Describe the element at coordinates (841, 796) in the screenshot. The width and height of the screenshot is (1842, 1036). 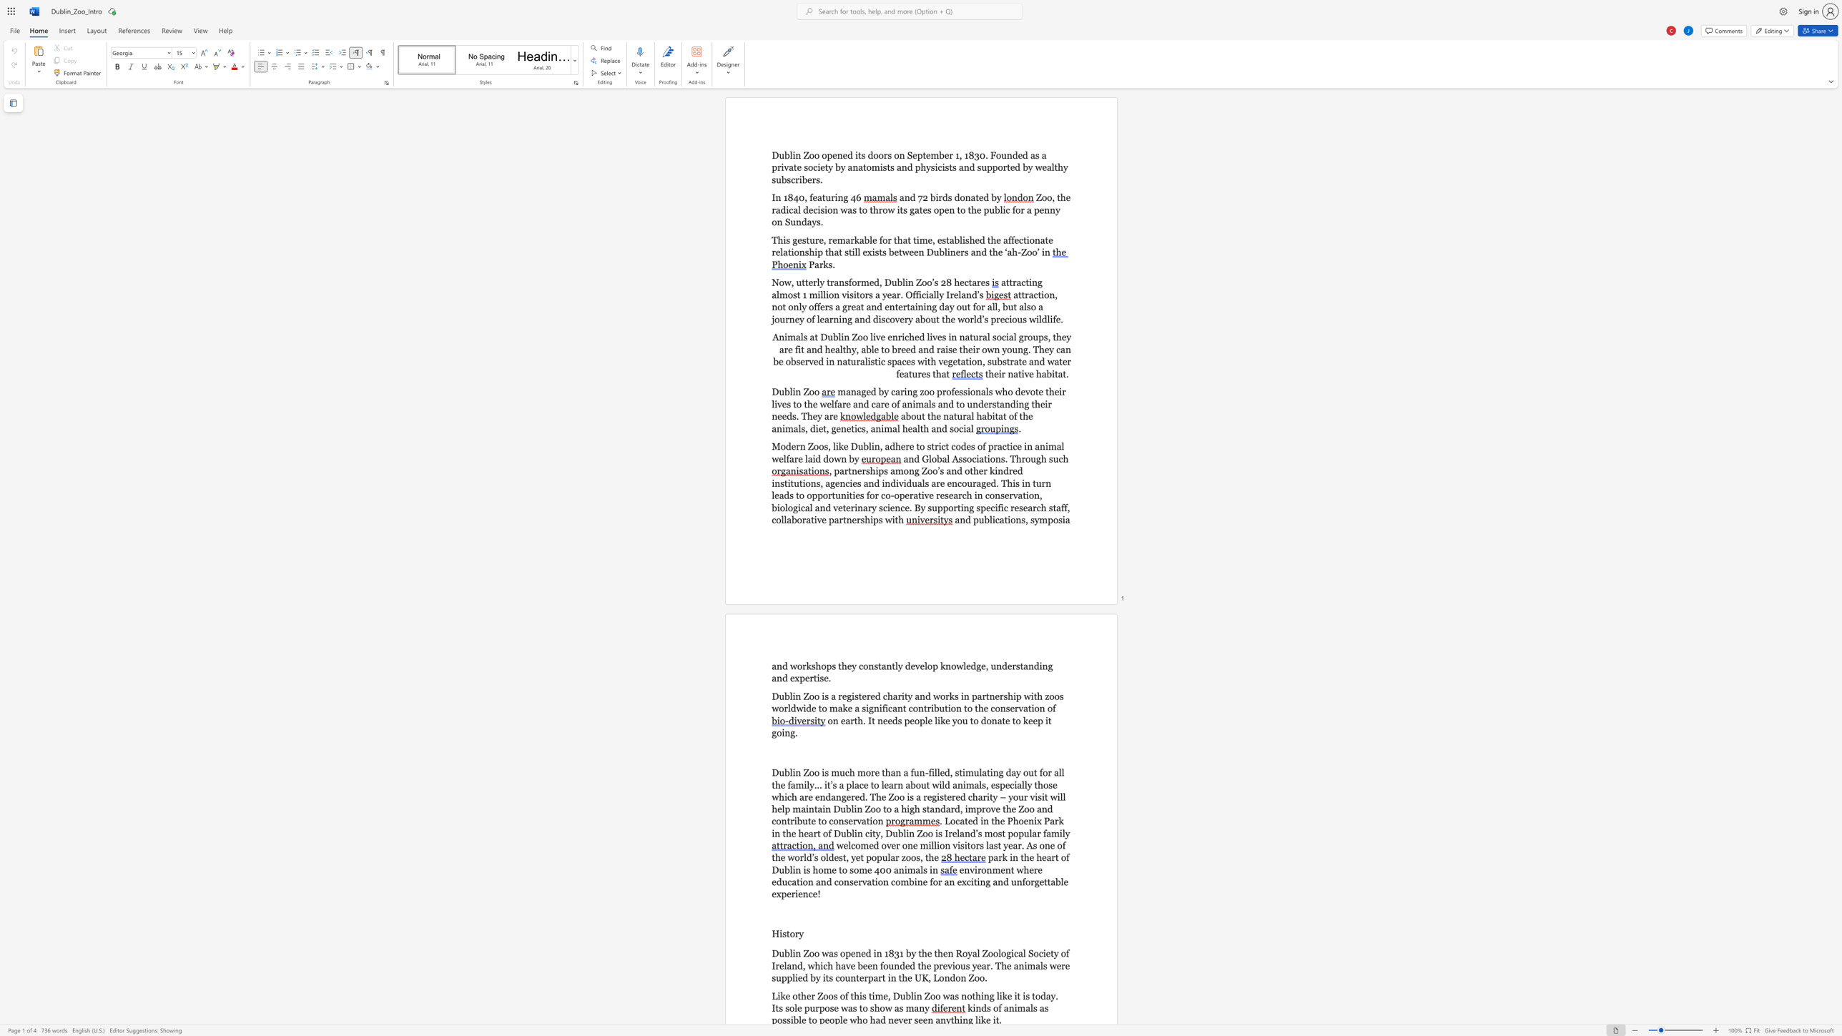
I see `the subset text "gered. The Zoo is a registered charity – your visit will he" within the text "a place to learn about wild animals, especially those which are endangered. The Zoo is a registered charity – your visit will help"` at that location.